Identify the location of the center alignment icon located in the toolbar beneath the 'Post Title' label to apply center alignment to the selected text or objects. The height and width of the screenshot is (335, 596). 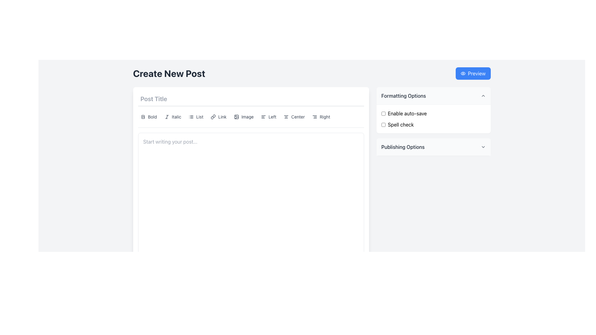
(286, 117).